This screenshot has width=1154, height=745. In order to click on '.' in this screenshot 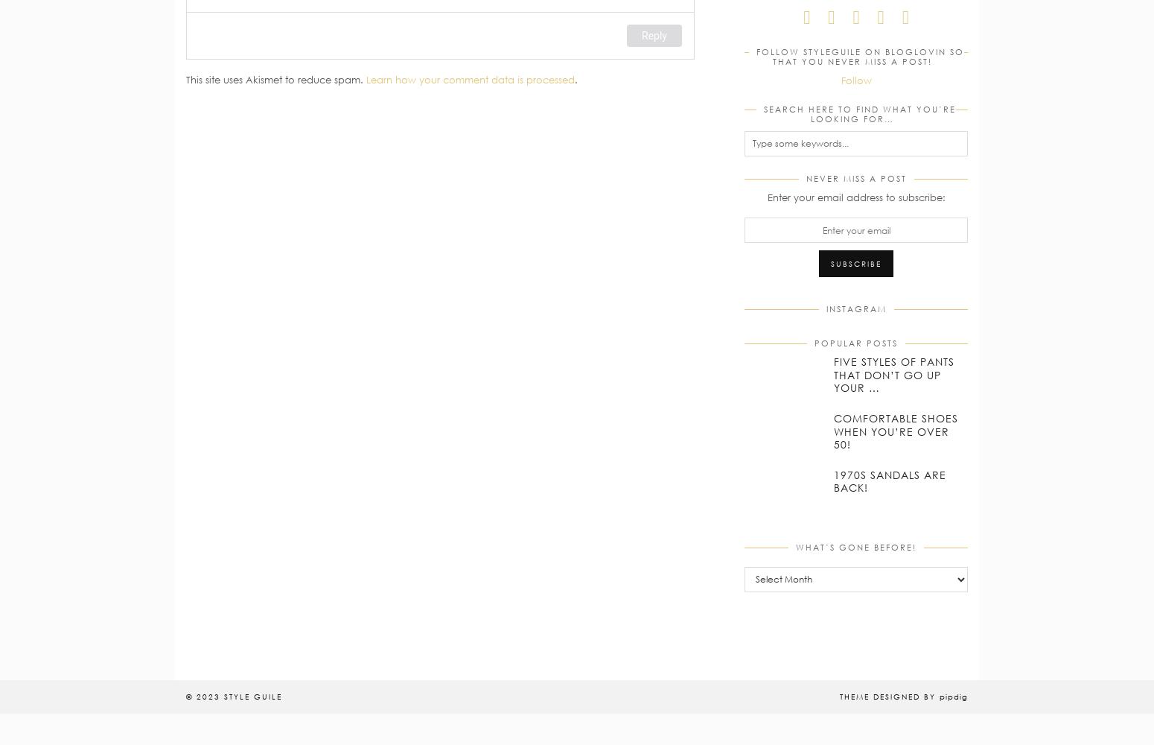, I will do `click(576, 79)`.